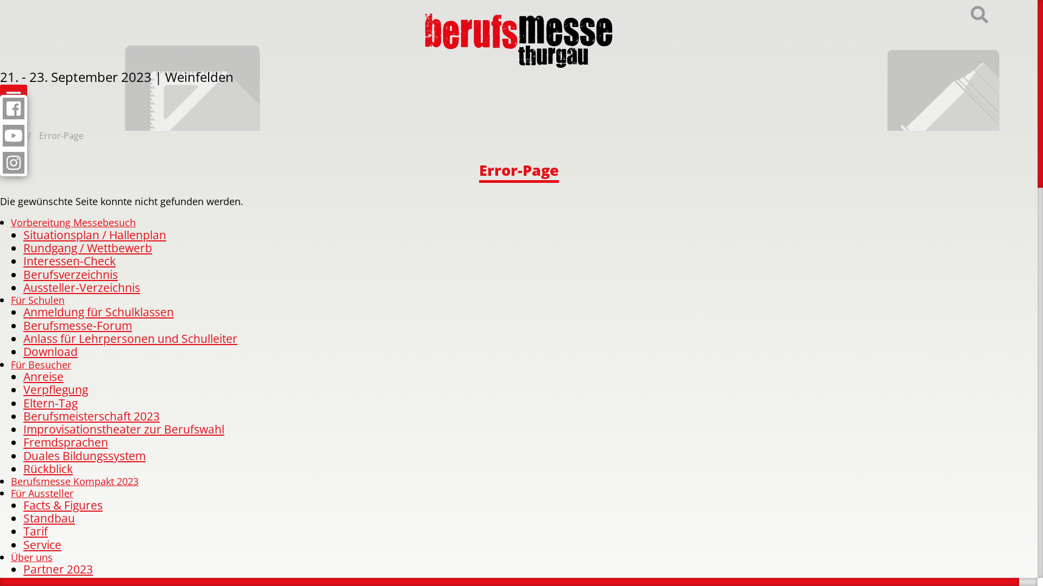 The width and height of the screenshot is (1043, 586). Describe the element at coordinates (43, 375) in the screenshot. I see `'Anreise'` at that location.